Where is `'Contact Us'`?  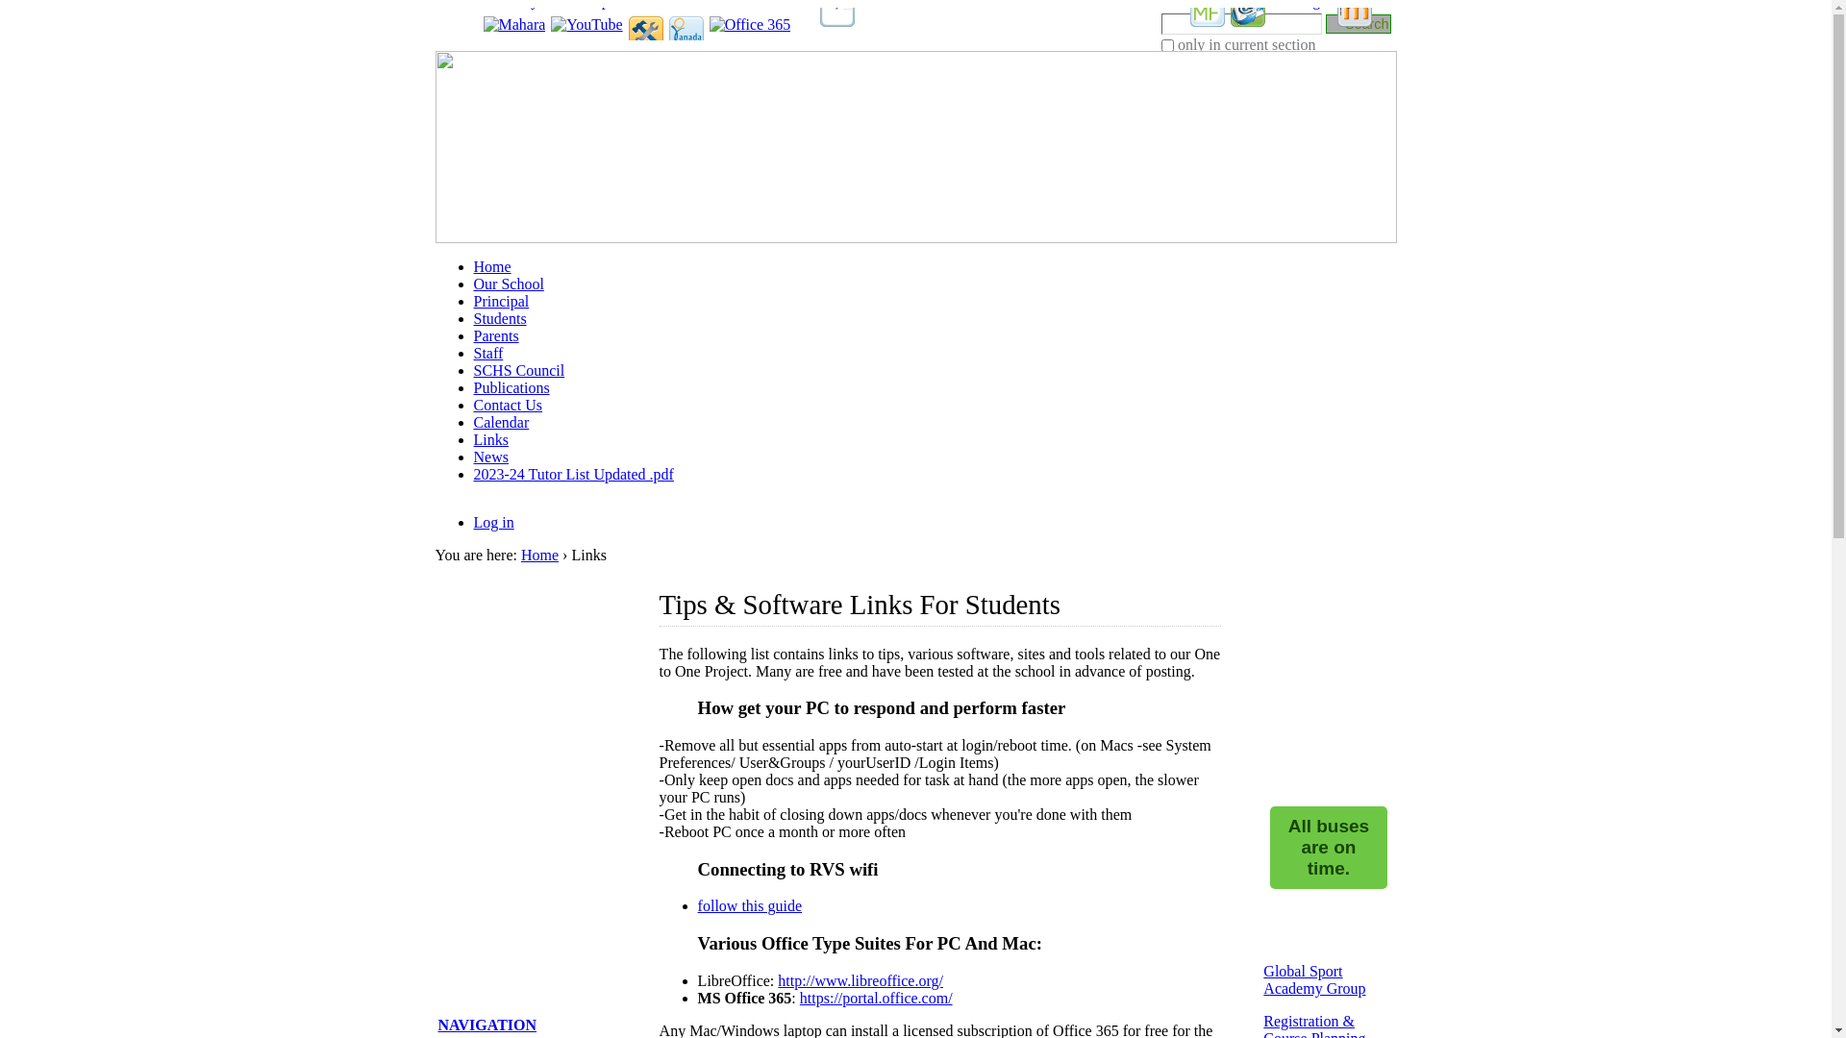 'Contact Us' is located at coordinates (508, 404).